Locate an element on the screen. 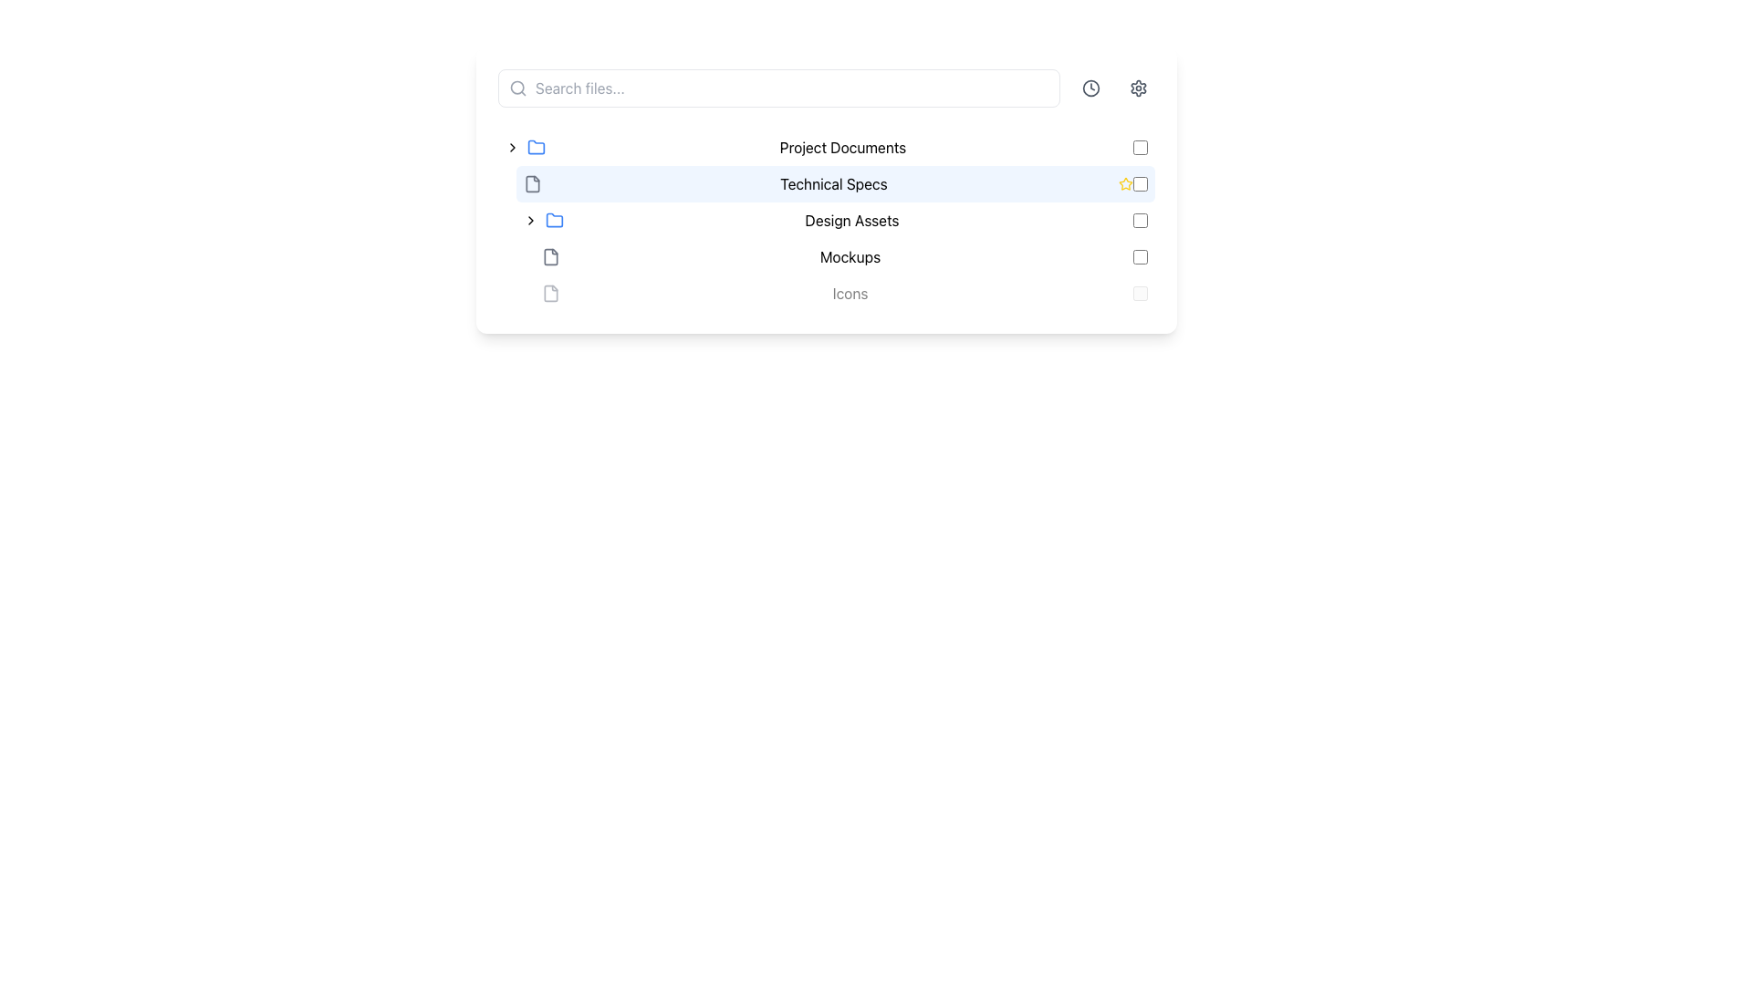  the gray clock icon located in the header area of the UI, which is adjacent to the gear icon and positioned to the right of the search bar is located at coordinates (1090, 88).